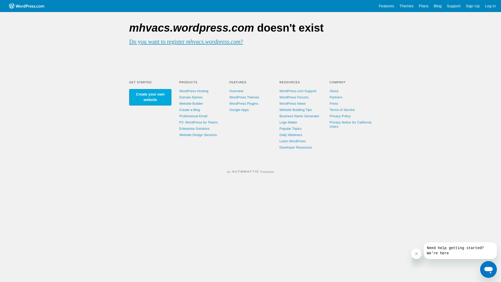  Describe the element at coordinates (342, 109) in the screenshot. I see `'Terms of Service'` at that location.